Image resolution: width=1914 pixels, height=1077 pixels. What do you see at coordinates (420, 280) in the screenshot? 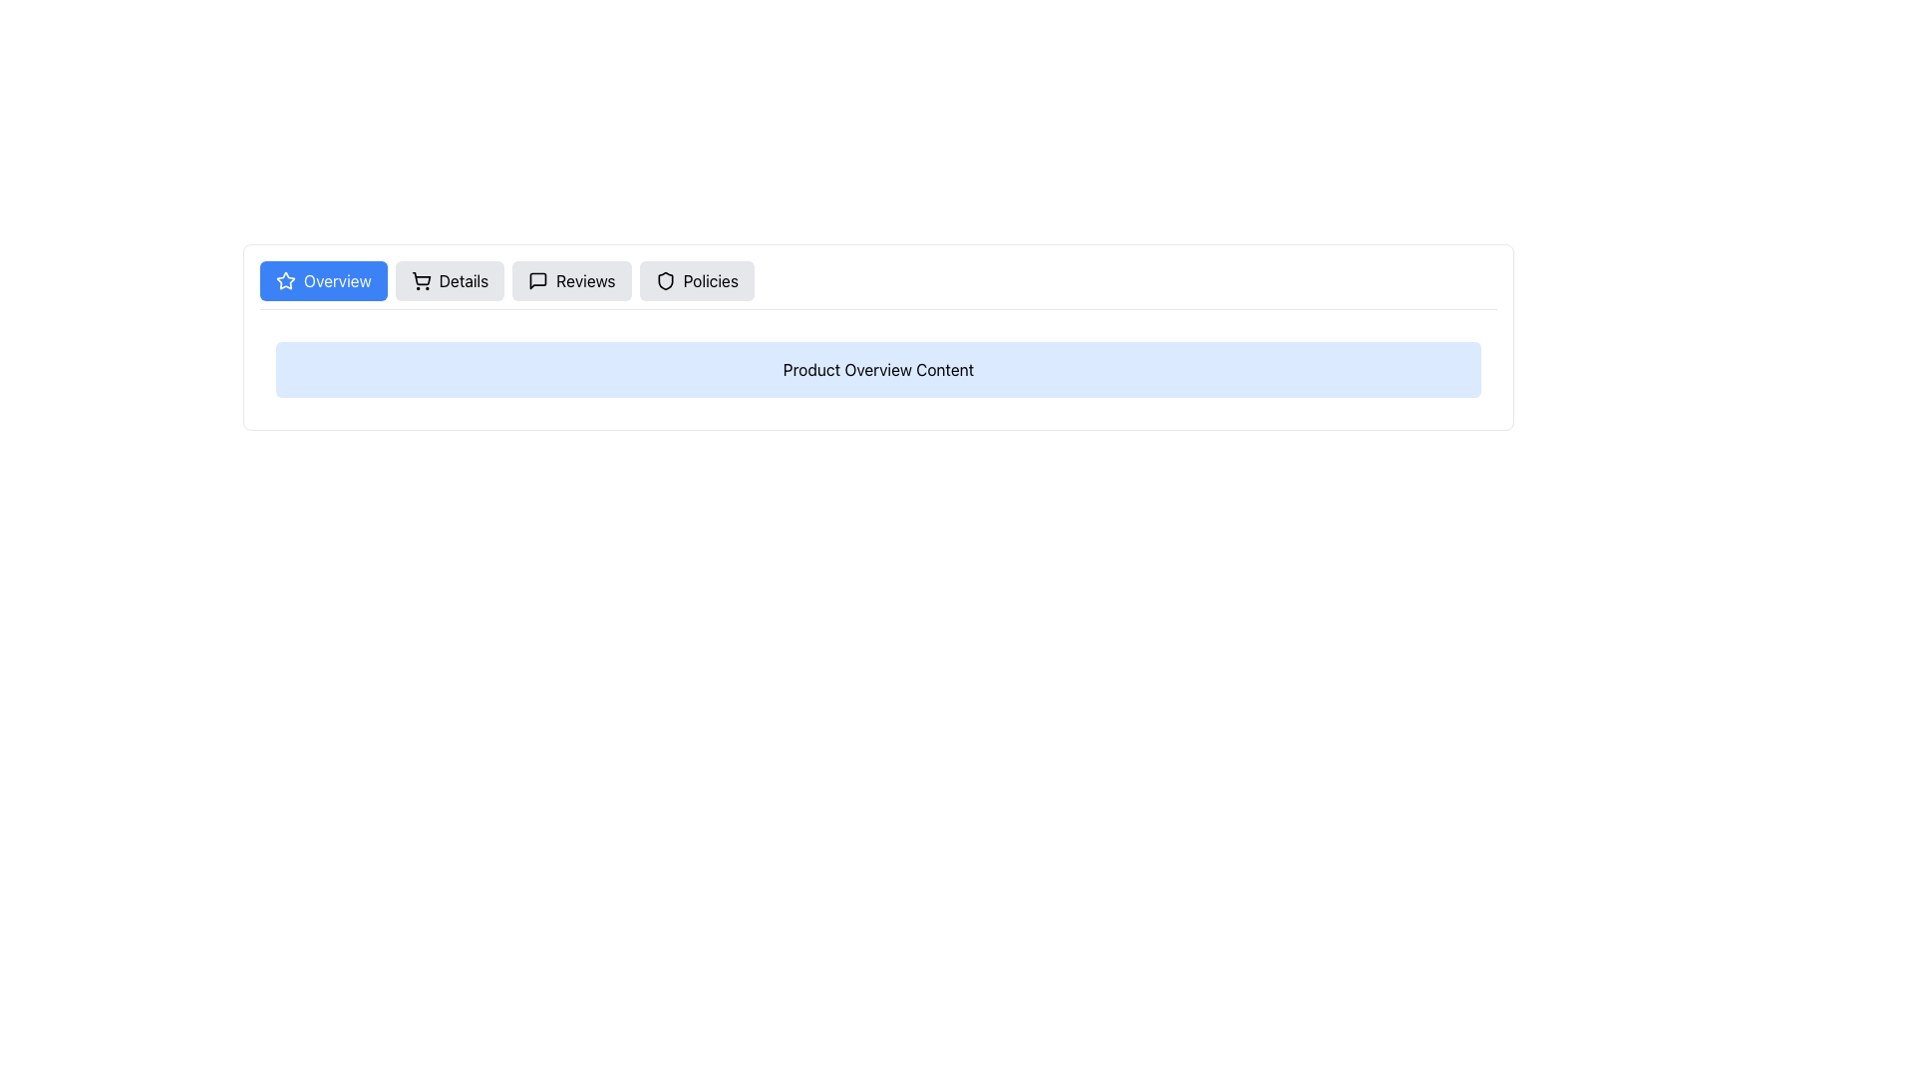
I see `the shopping cart icon located within the 'Details' button, which is styled with a simple line design and positioned adjacent to the text label 'Details'` at bounding box center [420, 280].